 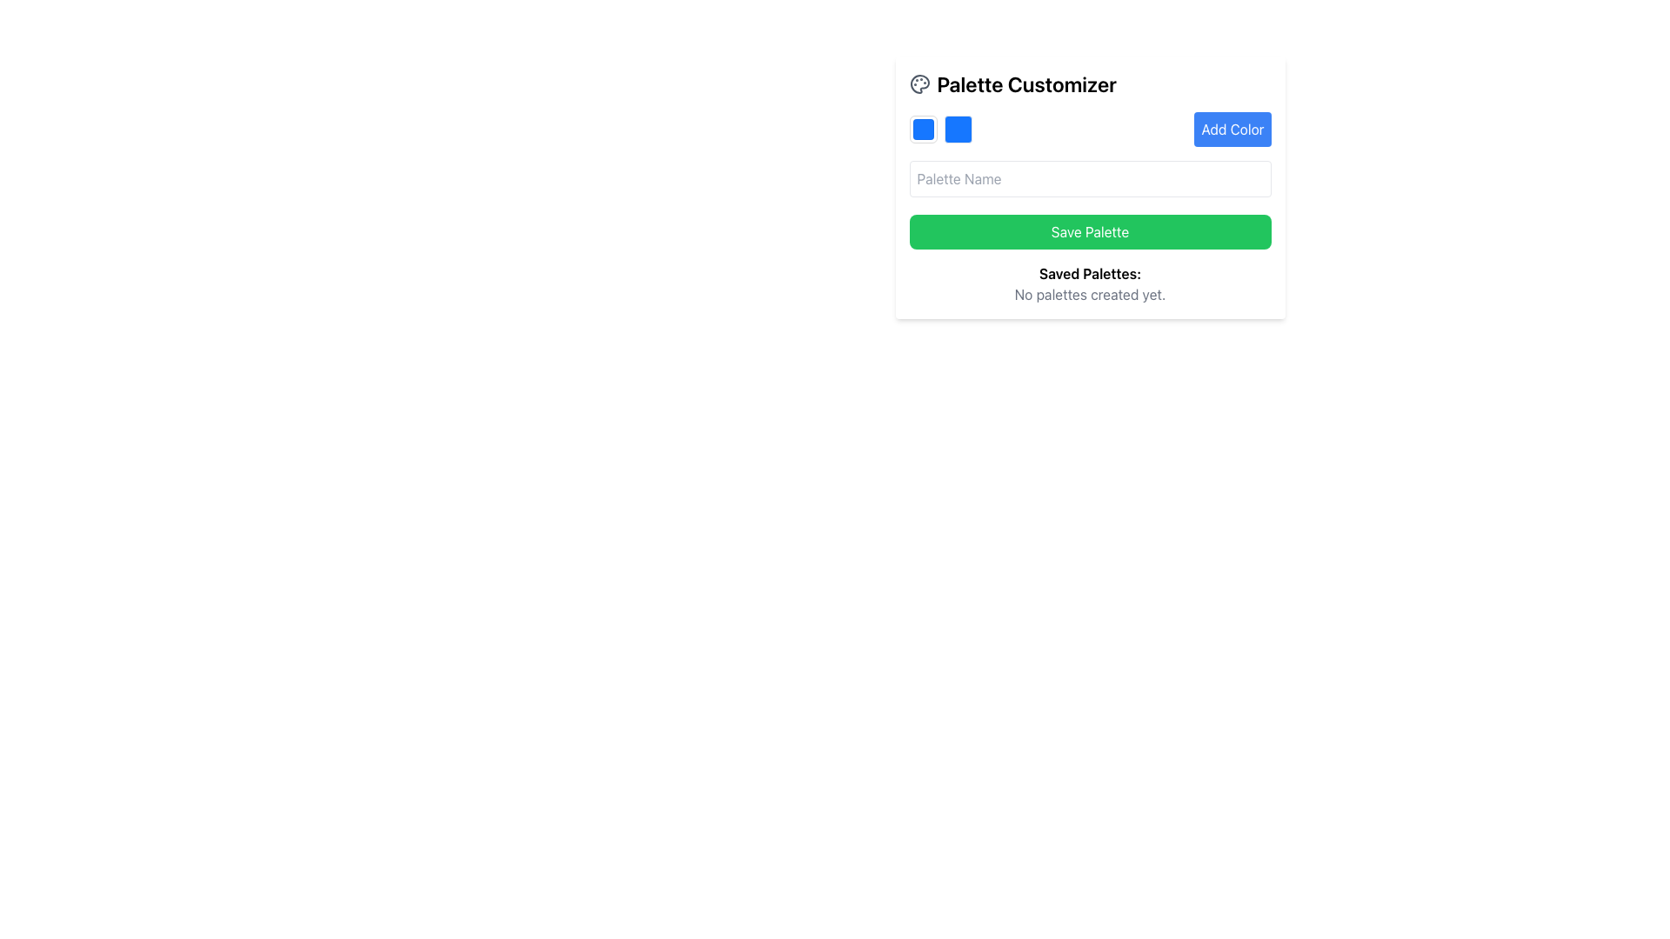 What do you see at coordinates (918, 83) in the screenshot?
I see `the circular SVG shape component resembling a palette icon located in the top left corner of the UI, next to the 'Palette Customizer' text` at bounding box center [918, 83].